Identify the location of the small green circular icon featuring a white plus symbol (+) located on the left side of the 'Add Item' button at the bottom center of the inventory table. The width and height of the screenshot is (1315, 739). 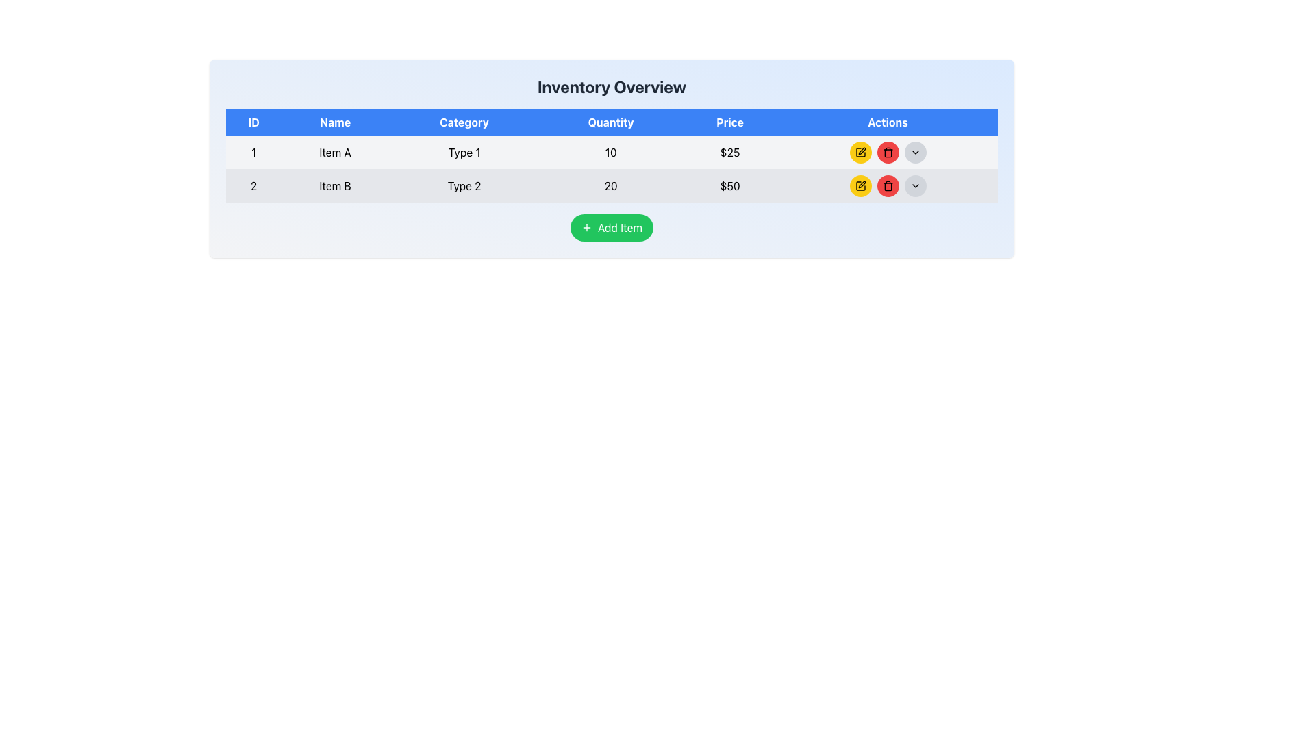
(586, 226).